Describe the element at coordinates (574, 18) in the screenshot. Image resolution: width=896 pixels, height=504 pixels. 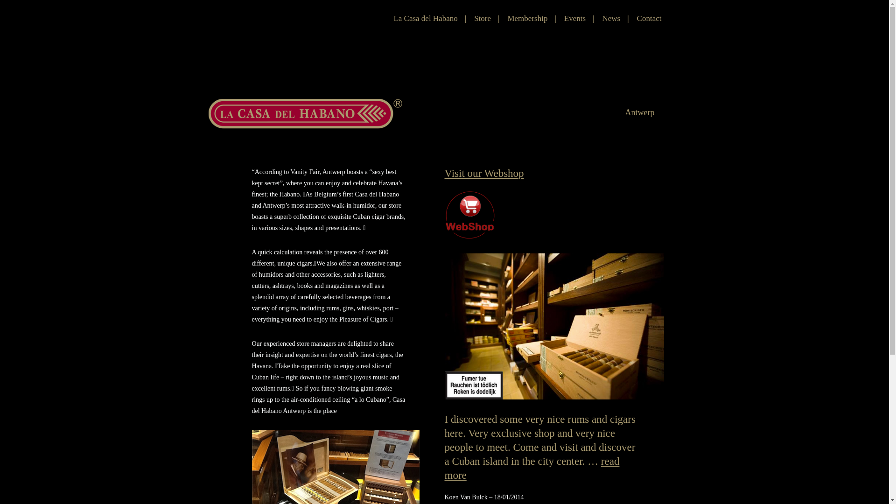
I see `'Events'` at that location.